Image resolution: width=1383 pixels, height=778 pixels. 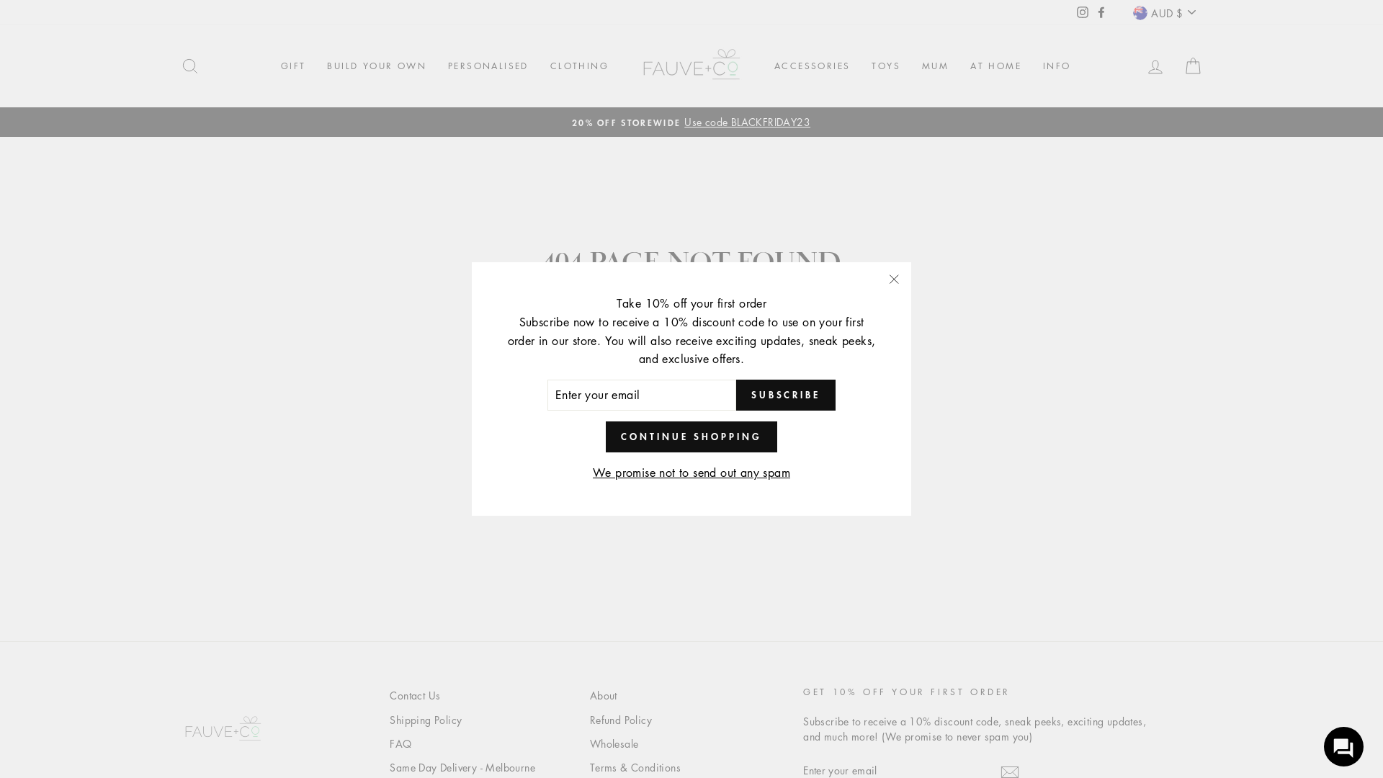 I want to click on 'BUILD YOUR OWN', so click(x=377, y=66).